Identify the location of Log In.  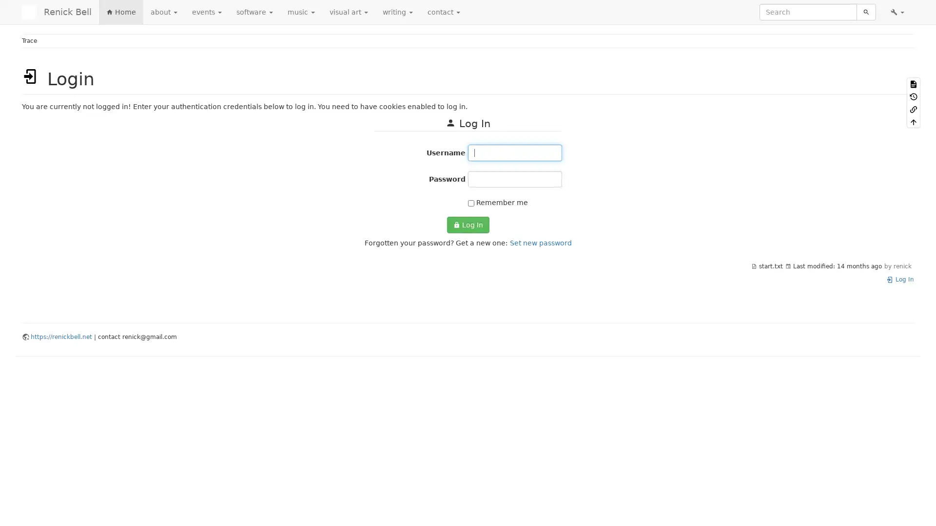
(467, 225).